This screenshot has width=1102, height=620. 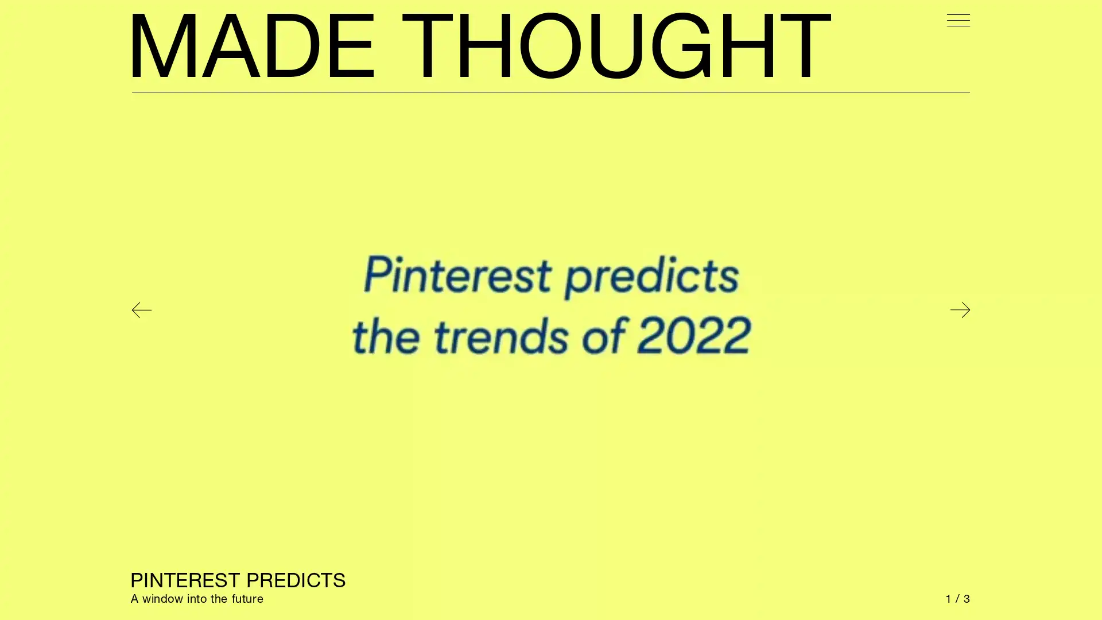 What do you see at coordinates (141, 310) in the screenshot?
I see `Previous` at bounding box center [141, 310].